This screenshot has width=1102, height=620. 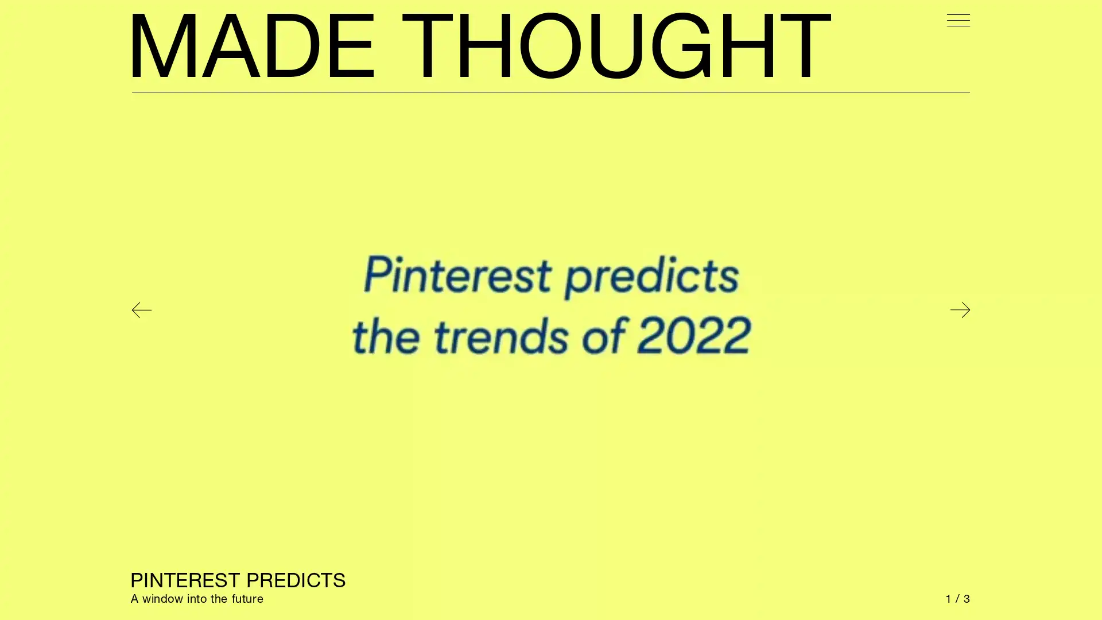 What do you see at coordinates (141, 310) in the screenshot?
I see `Previous` at bounding box center [141, 310].